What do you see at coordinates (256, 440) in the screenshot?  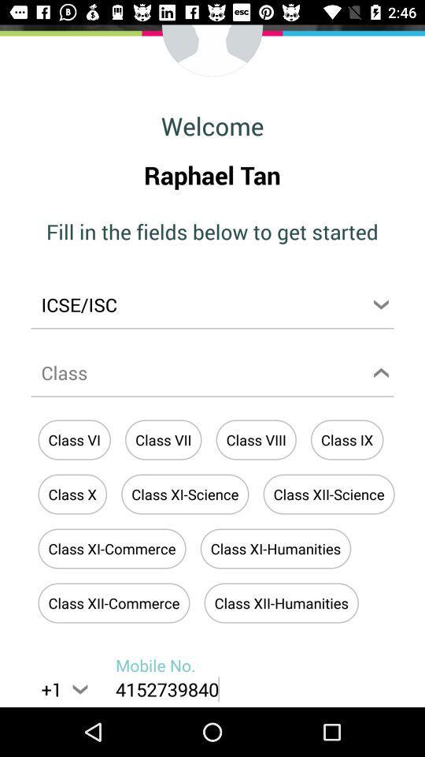 I see `the button between class vii and class ix` at bounding box center [256, 440].